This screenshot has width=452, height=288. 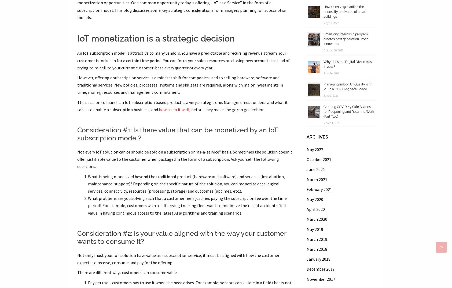 What do you see at coordinates (344, 11) in the screenshot?
I see `'How COVID-19 clarified the necessity and value of smart buildings'` at bounding box center [344, 11].